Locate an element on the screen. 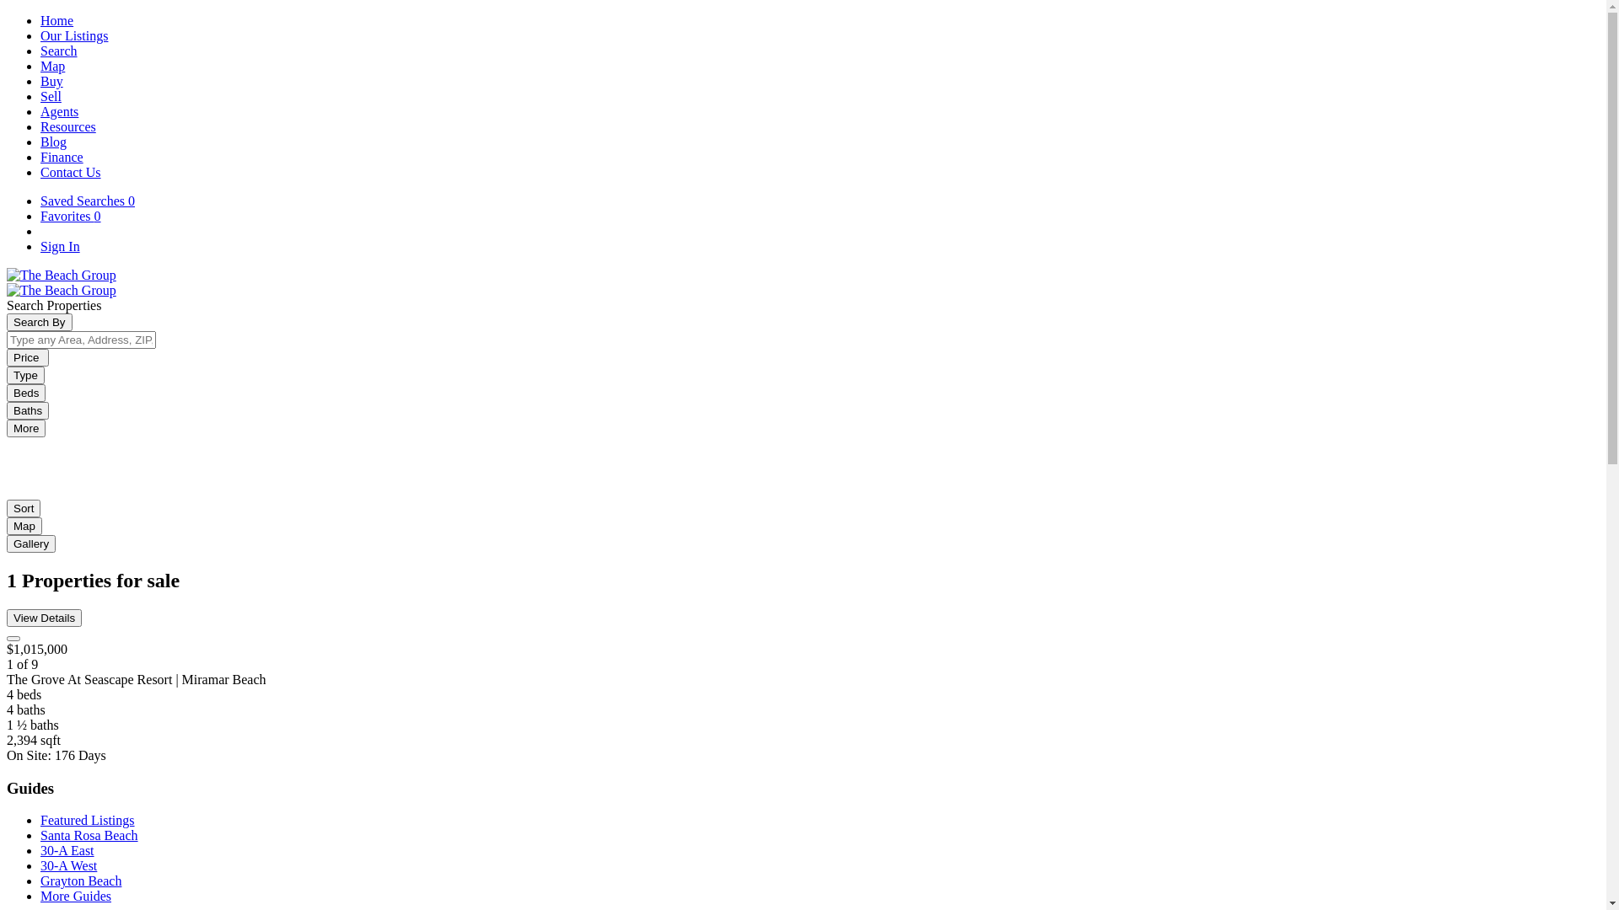  'Type' is located at coordinates (25, 374).